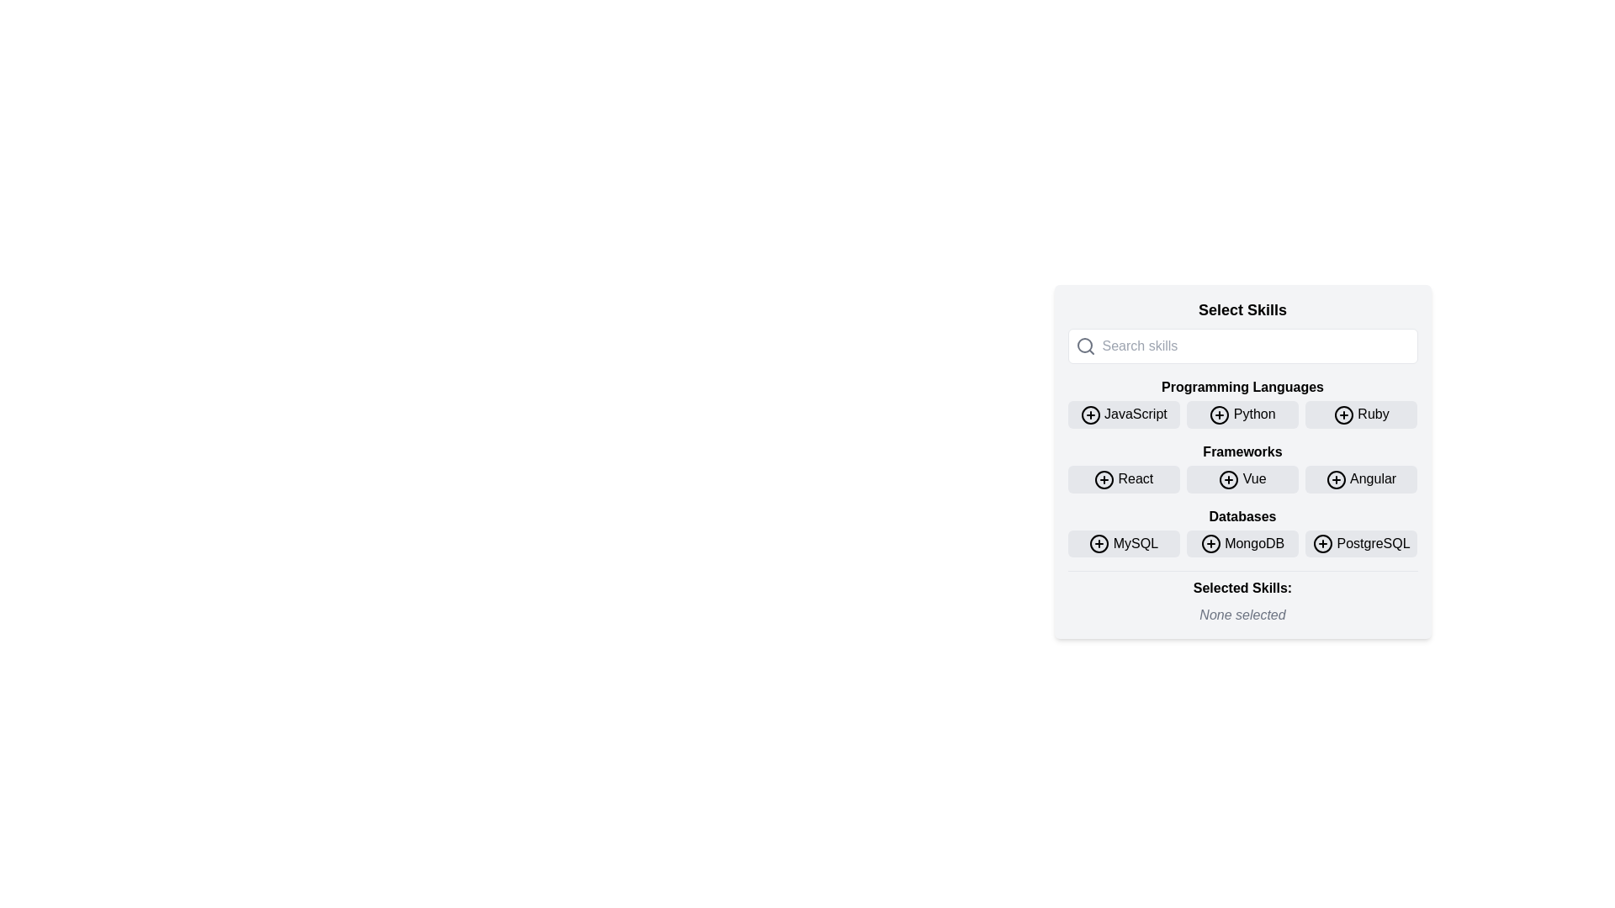  I want to click on the 'Python' button in the 'Programming Languages' section, so click(1242, 403).